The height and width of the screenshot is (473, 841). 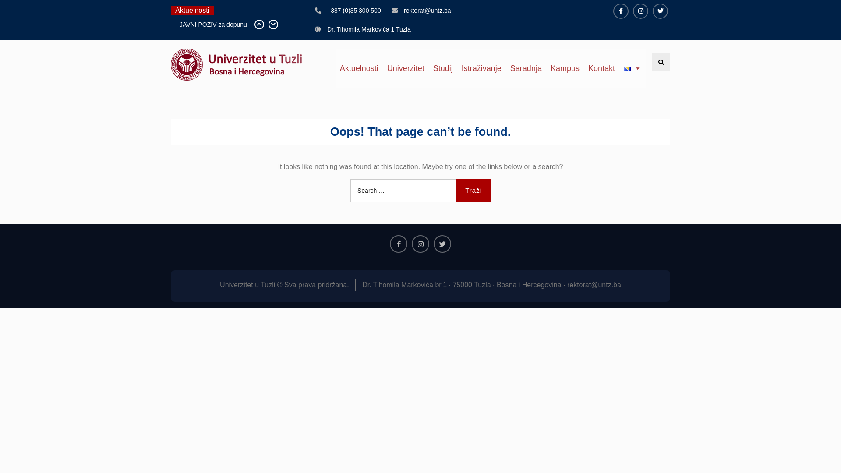 I want to click on 'Aktuelnosti', so click(x=359, y=67).